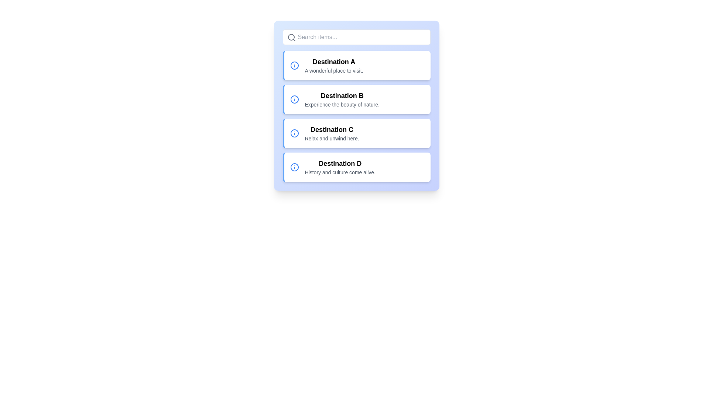 This screenshot has width=709, height=398. I want to click on the text 'A wonderful place to visit.' which is a smaller gray font label located directly beneath the title 'Destination A', so click(333, 71).